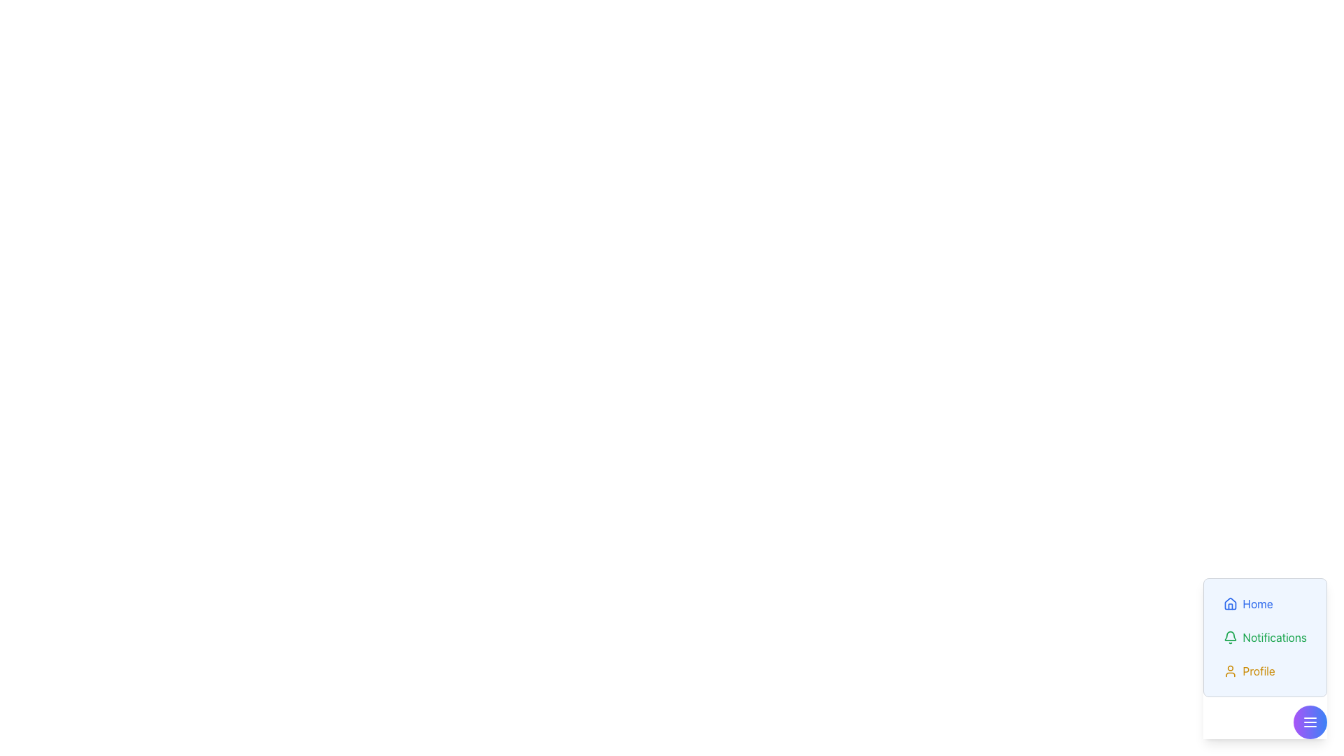  I want to click on the green bell icon and 'Notifications' text in the vertical menu to change its appearance, which is the second option below 'Home', so click(1265, 637).